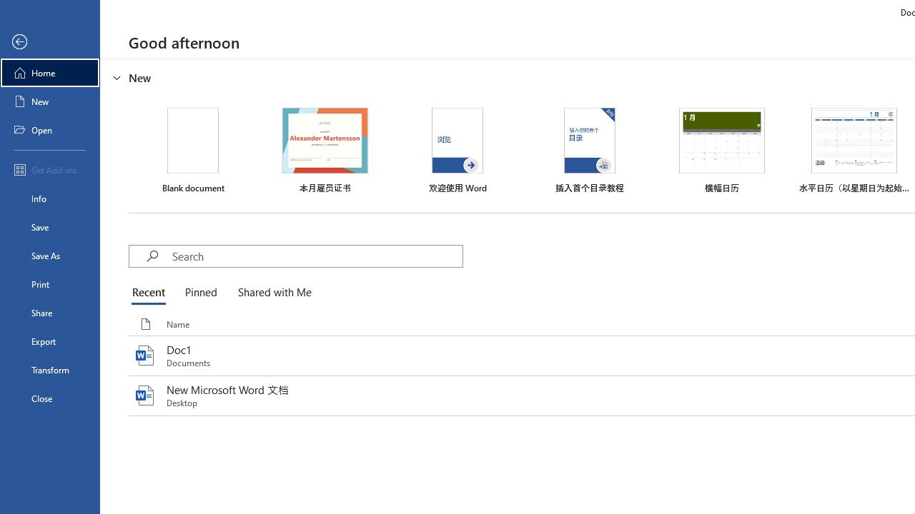 The height and width of the screenshot is (514, 915). I want to click on 'Info', so click(49, 198).